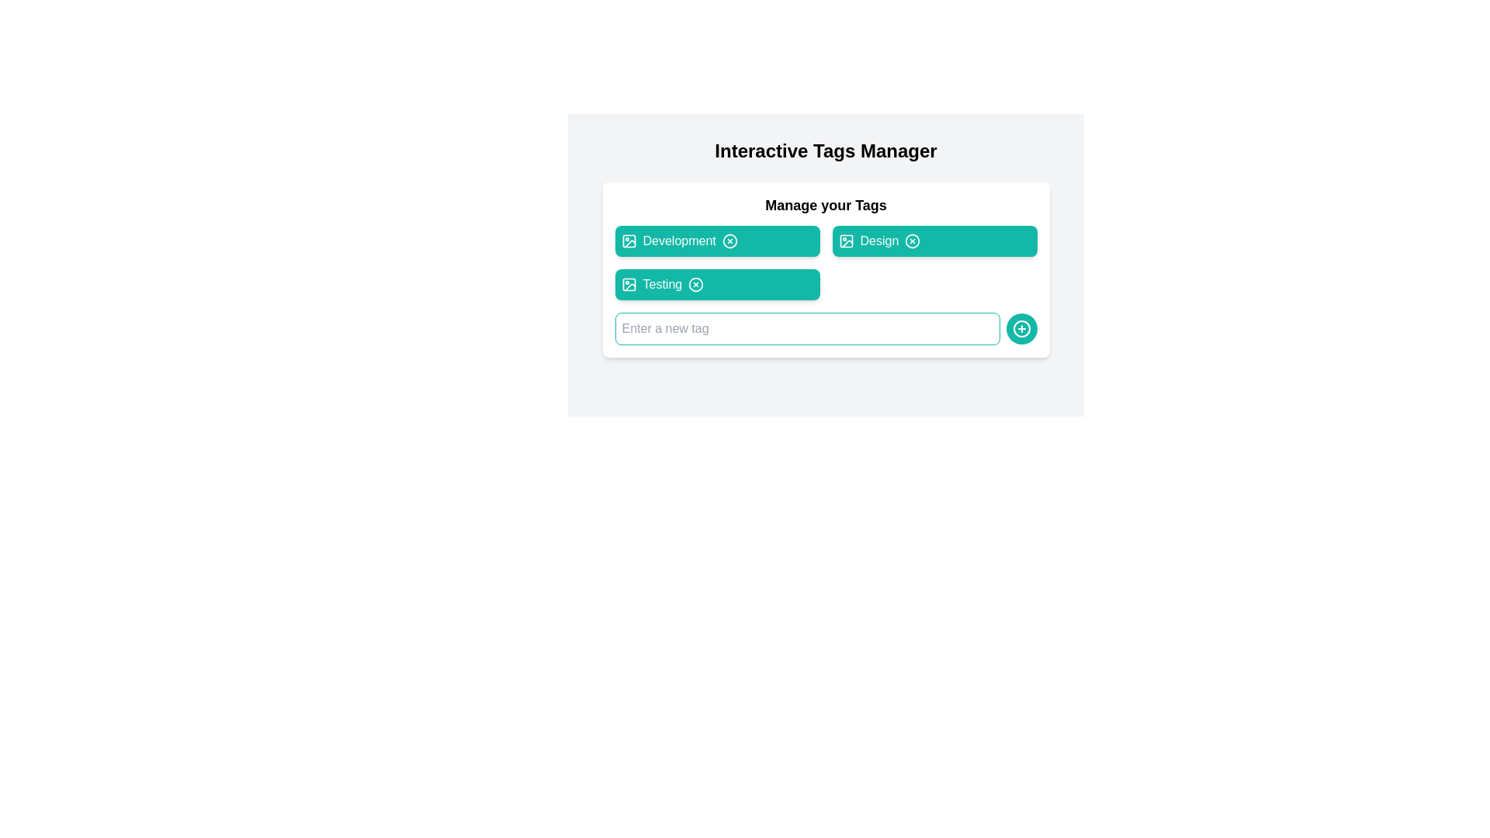 Image resolution: width=1490 pixels, height=838 pixels. I want to click on the text label that serves as a title or header for the tag management section, located at the top of a rectangular card-like area, so click(825, 205).